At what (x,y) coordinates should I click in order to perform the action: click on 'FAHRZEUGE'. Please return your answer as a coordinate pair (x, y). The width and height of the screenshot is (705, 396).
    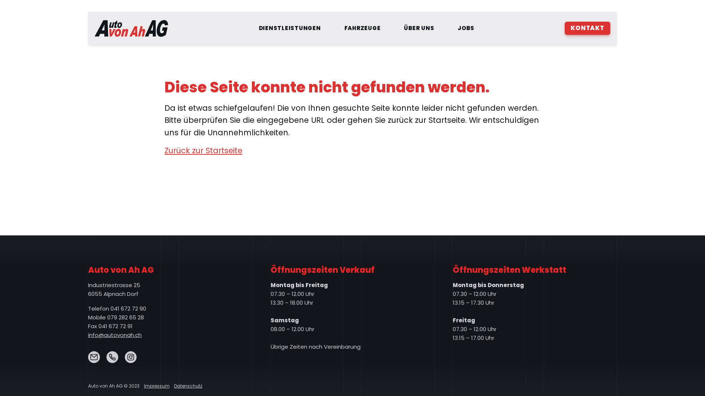
    Looking at the image, I should click on (362, 28).